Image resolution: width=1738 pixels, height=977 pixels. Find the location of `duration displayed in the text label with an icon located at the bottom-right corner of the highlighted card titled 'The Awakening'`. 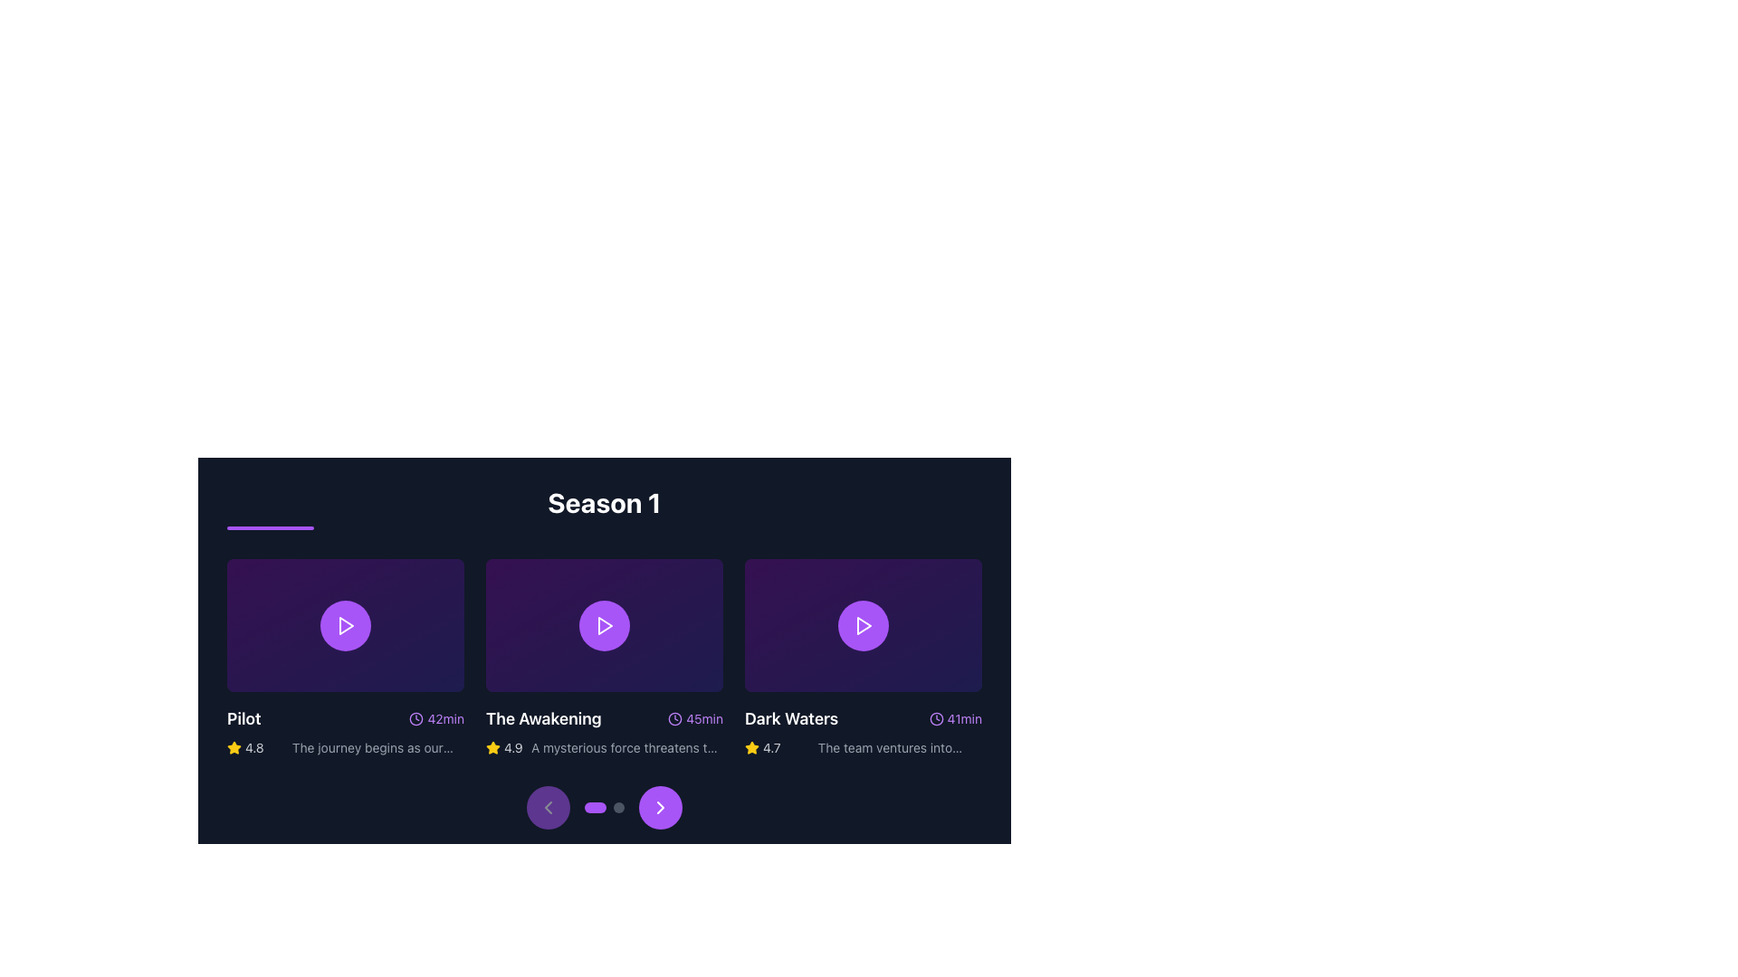

duration displayed in the text label with an icon located at the bottom-right corner of the highlighted card titled 'The Awakening' is located at coordinates (694, 718).